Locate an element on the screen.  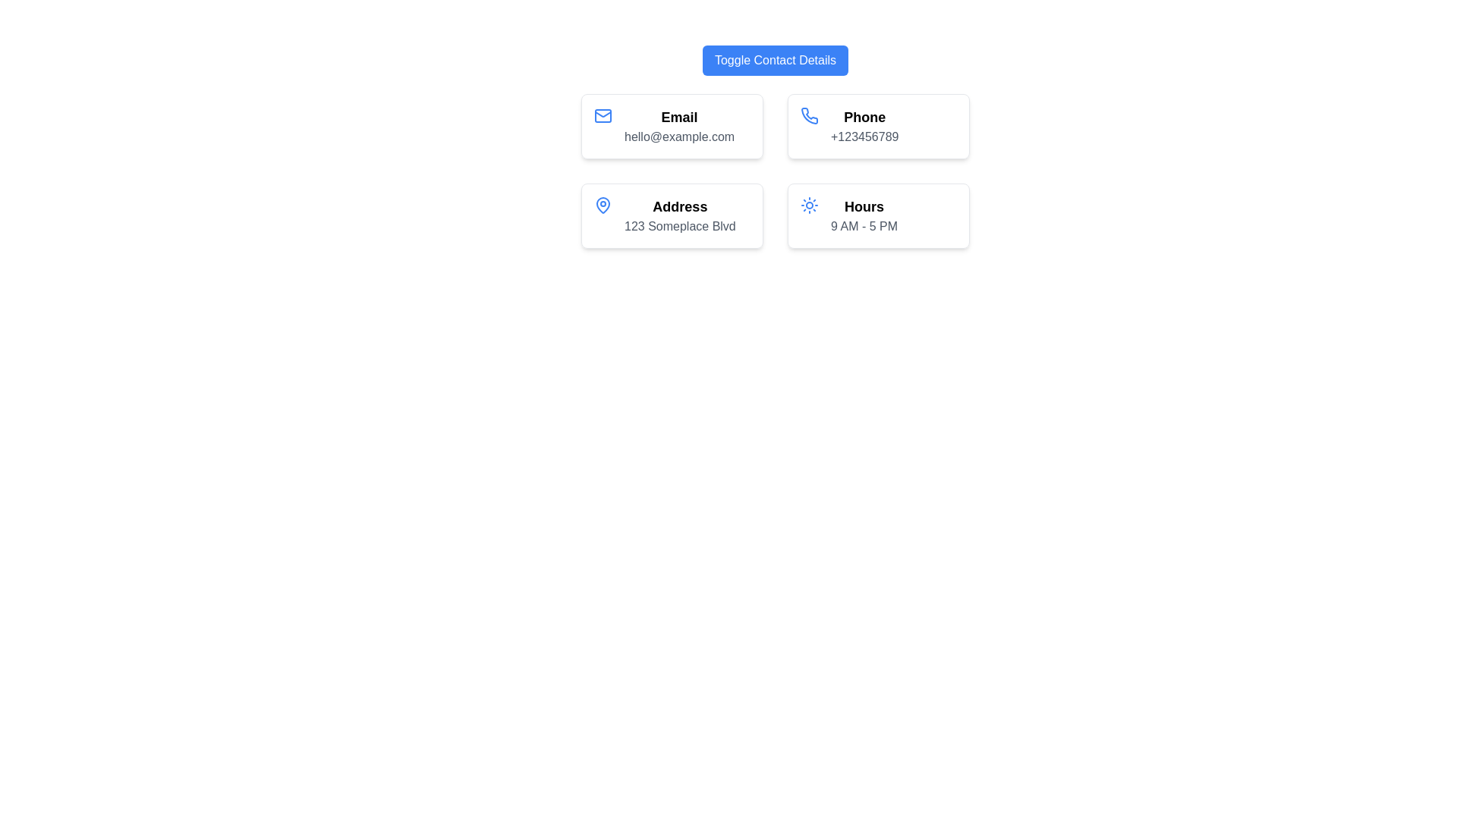
the address icon located in the 'Address' card of the contact details grid, positioned to the left of the card content and above '123 Someplace Blvd' is located at coordinates (603, 205).